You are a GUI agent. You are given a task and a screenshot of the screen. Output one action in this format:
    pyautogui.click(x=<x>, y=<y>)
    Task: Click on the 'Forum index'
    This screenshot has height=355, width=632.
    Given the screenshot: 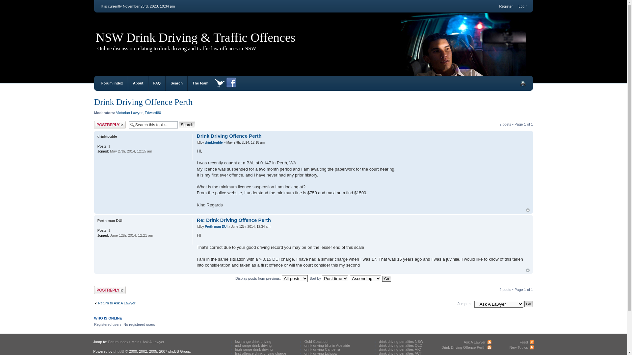 What is the action you would take?
    pyautogui.click(x=108, y=342)
    